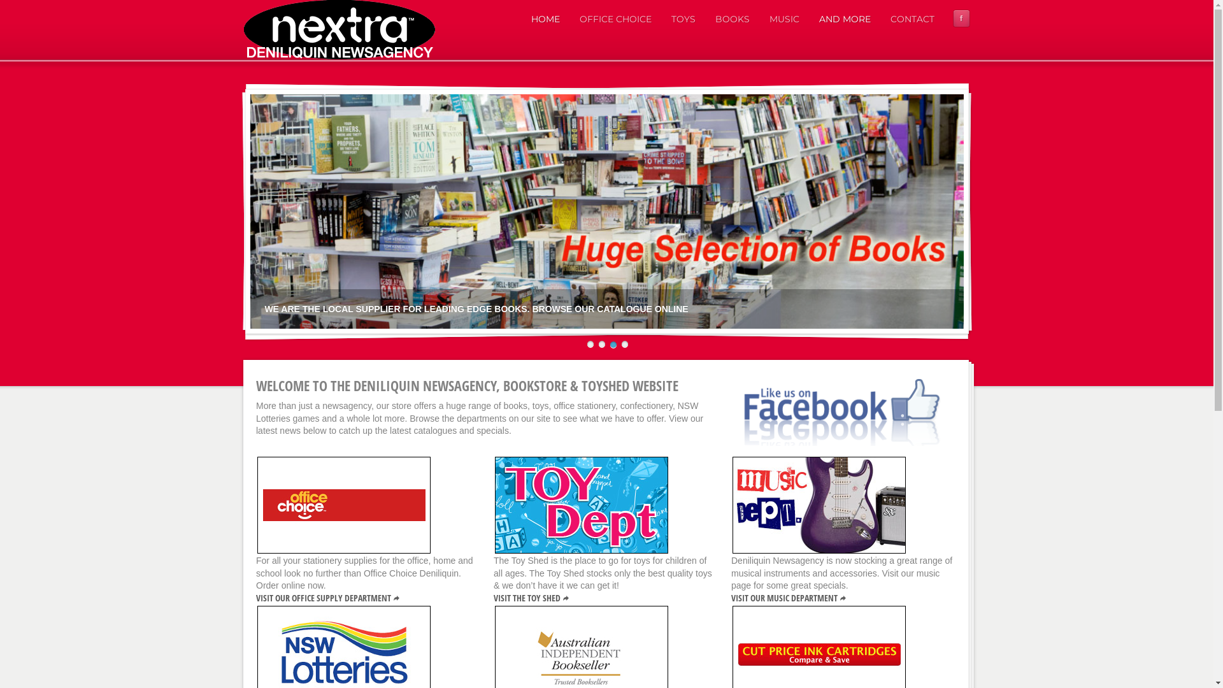  Describe the element at coordinates (783, 19) in the screenshot. I see `'MUSIC'` at that location.